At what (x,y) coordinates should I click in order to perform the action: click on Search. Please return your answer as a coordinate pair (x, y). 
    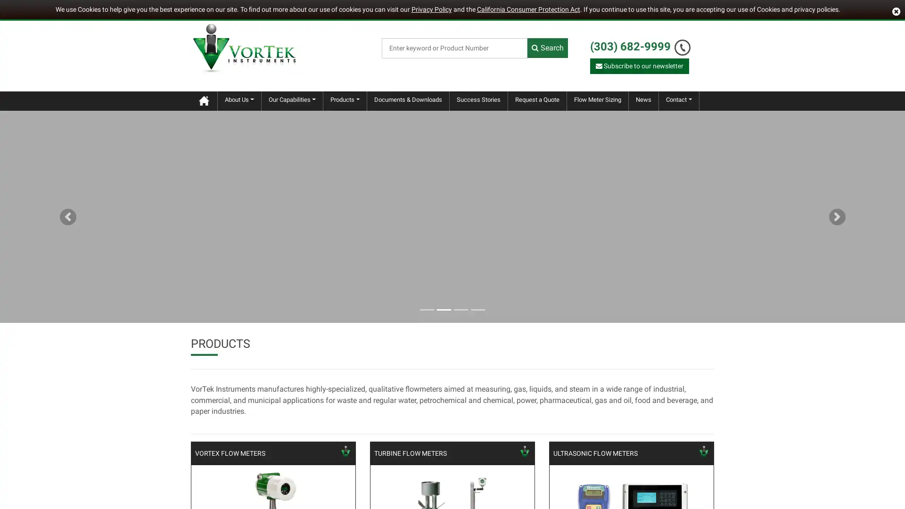
    Looking at the image, I should click on (547, 28).